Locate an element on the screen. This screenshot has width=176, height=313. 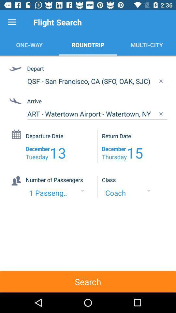
arrive icon which is before arrive on the page is located at coordinates (16, 102).